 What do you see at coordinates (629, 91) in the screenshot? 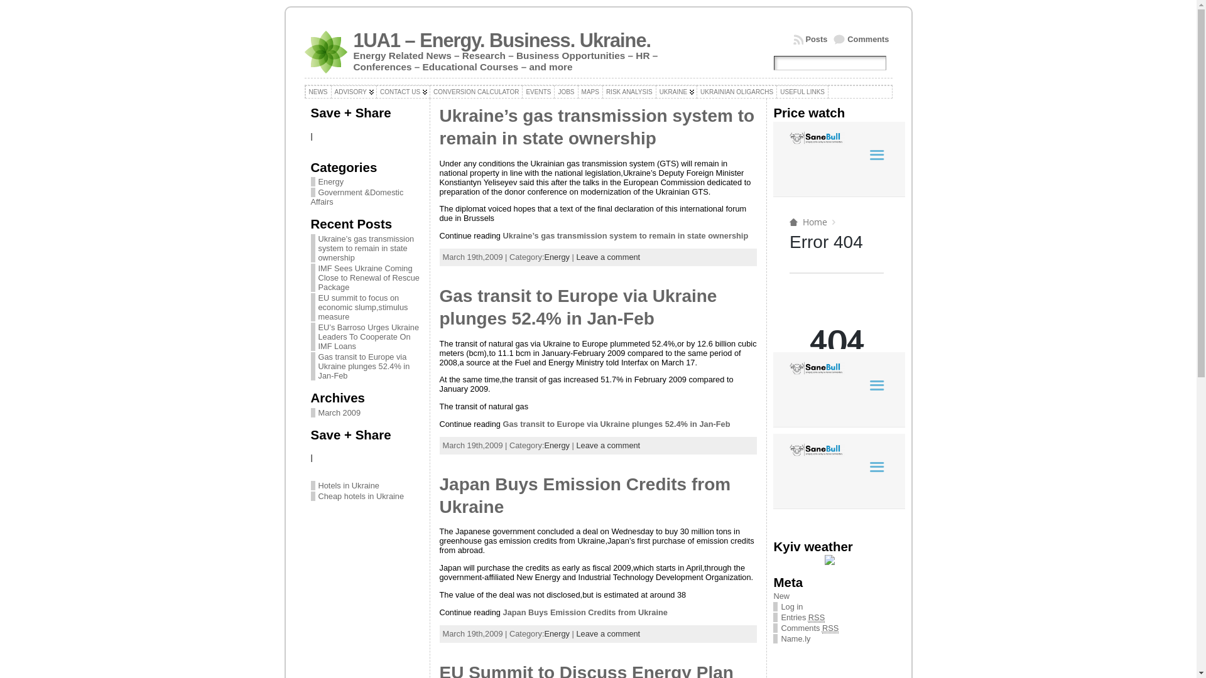
I see `'RISK ANALYSIS'` at bounding box center [629, 91].